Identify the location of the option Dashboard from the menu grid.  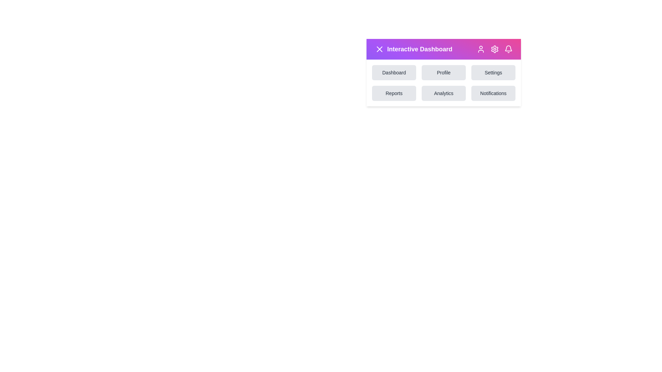
(394, 73).